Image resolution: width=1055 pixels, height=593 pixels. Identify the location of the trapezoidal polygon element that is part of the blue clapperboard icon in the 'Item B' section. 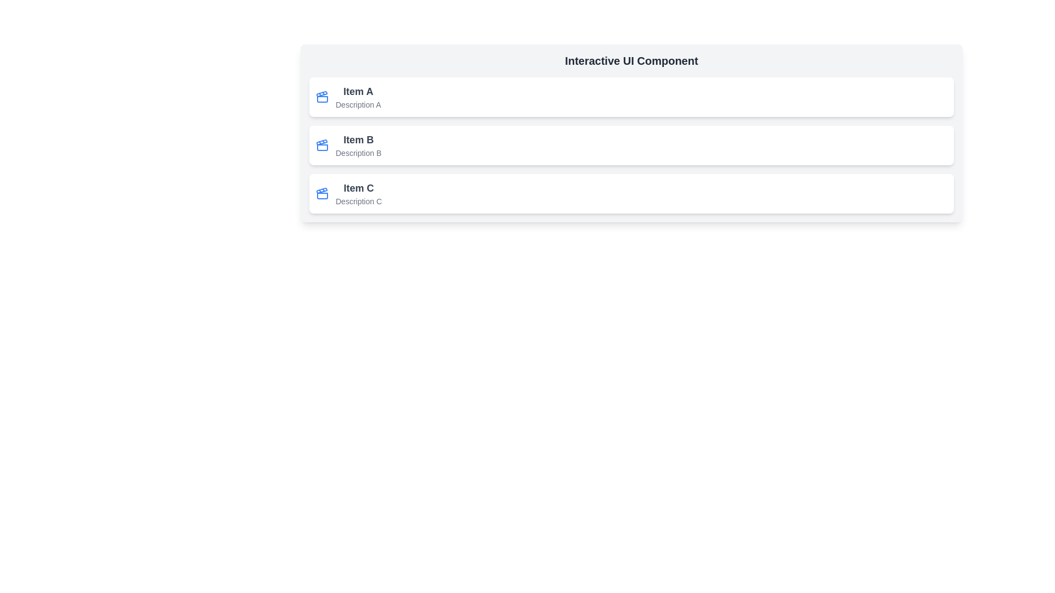
(321, 142).